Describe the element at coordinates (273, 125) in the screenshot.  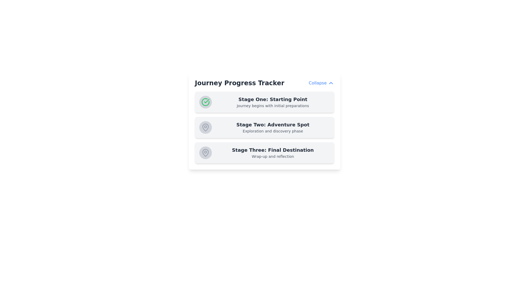
I see `the static text label that indicates 'Stage Two: Adventure Spot', which is the title for the second stage in a progress tracker` at that location.